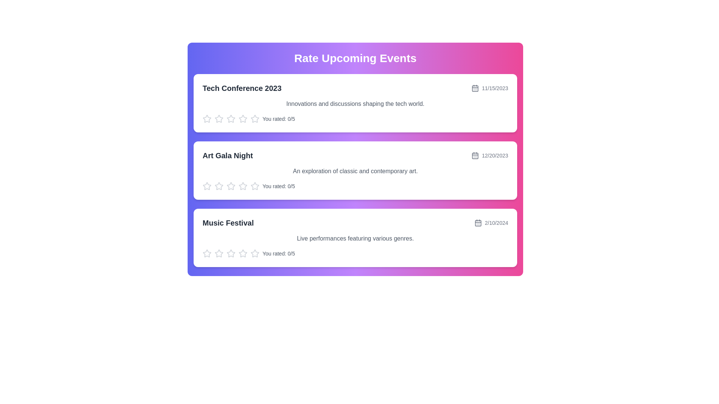 This screenshot has width=719, height=404. What do you see at coordinates (207, 253) in the screenshot?
I see `the first star rating icon (SVG) in the Music Festival card to rate the event` at bounding box center [207, 253].